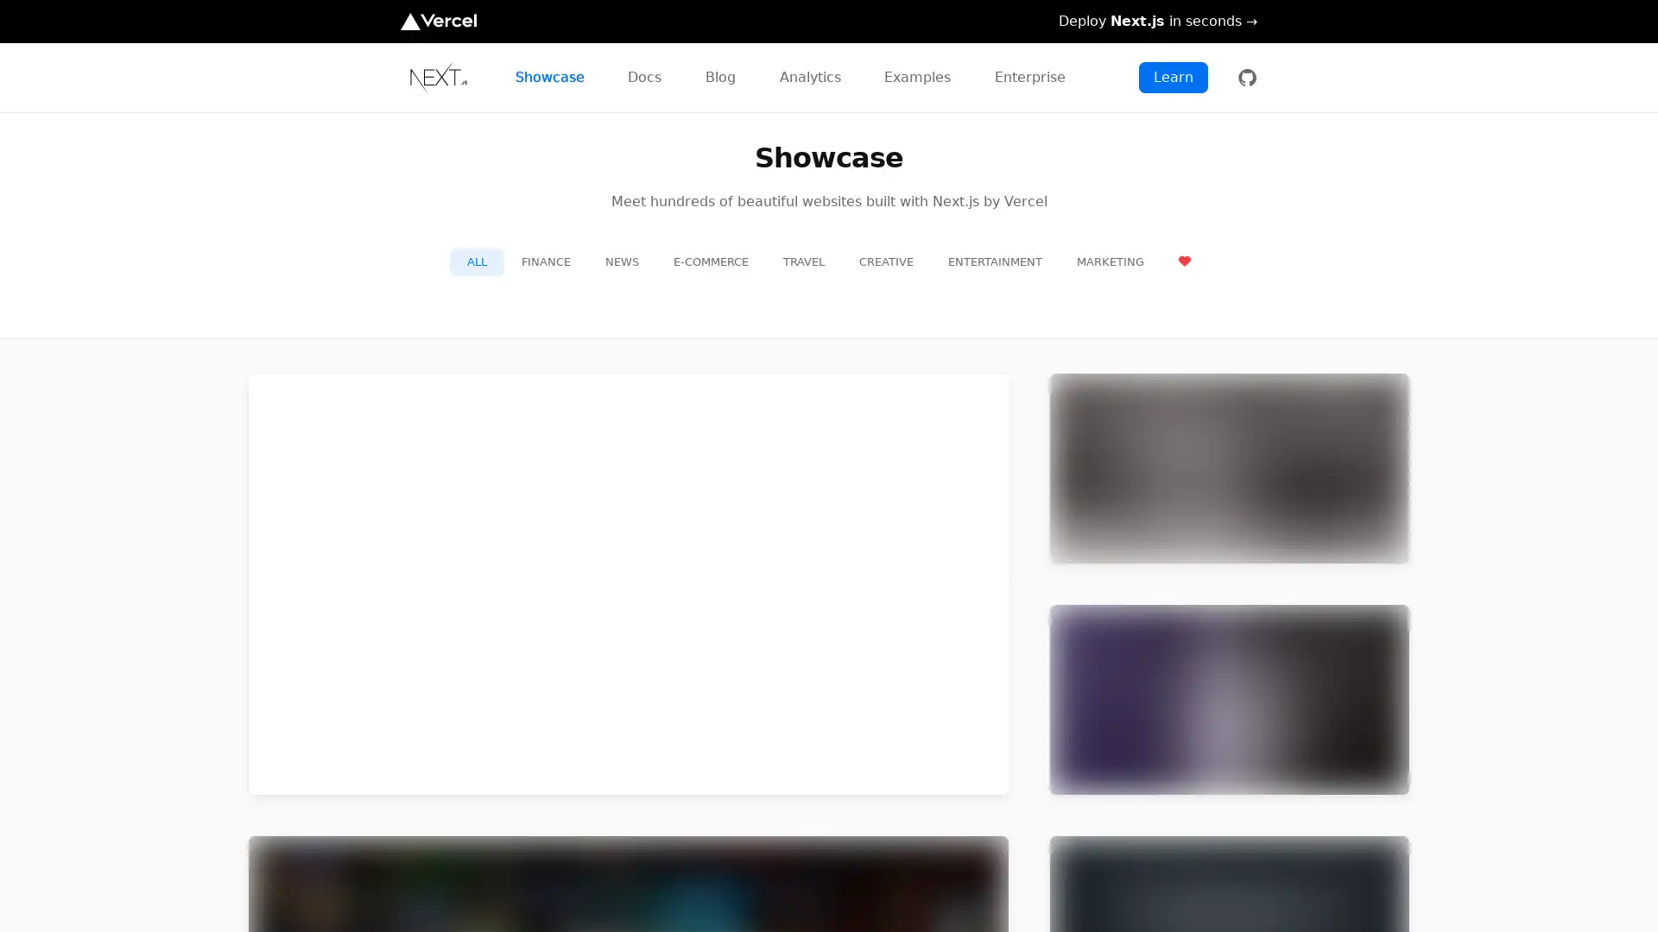 The image size is (1658, 932). What do you see at coordinates (545, 261) in the screenshot?
I see `FINANCE` at bounding box center [545, 261].